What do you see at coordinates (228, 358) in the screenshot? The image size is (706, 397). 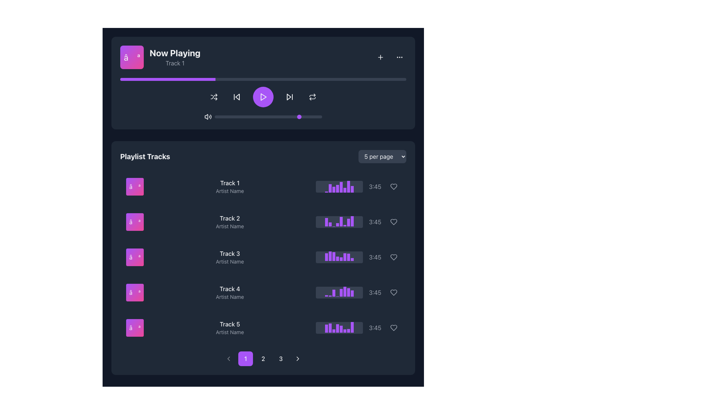 I see `the backward navigation icon button located at the bottom left of the pagination bar` at bounding box center [228, 358].